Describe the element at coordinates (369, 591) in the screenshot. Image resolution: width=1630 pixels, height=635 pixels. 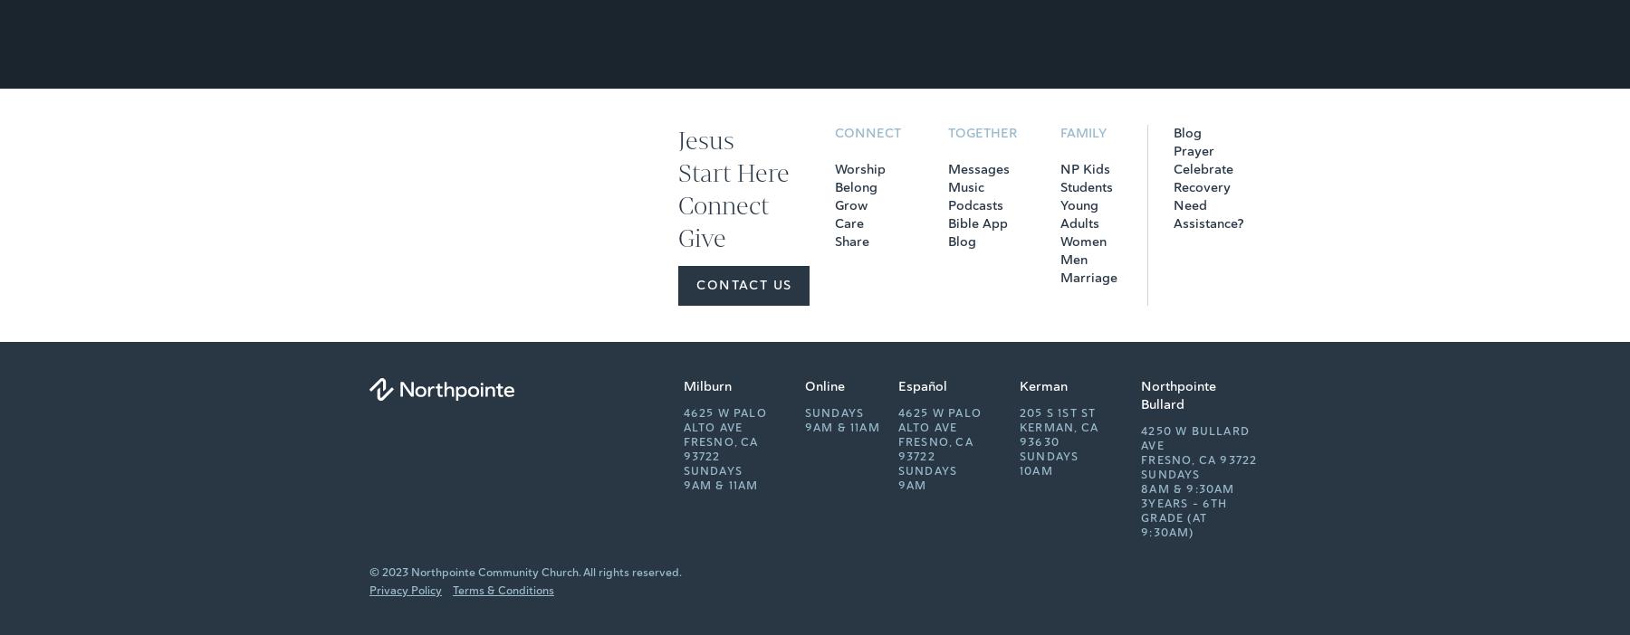
I see `'Privacy Policy'` at that location.